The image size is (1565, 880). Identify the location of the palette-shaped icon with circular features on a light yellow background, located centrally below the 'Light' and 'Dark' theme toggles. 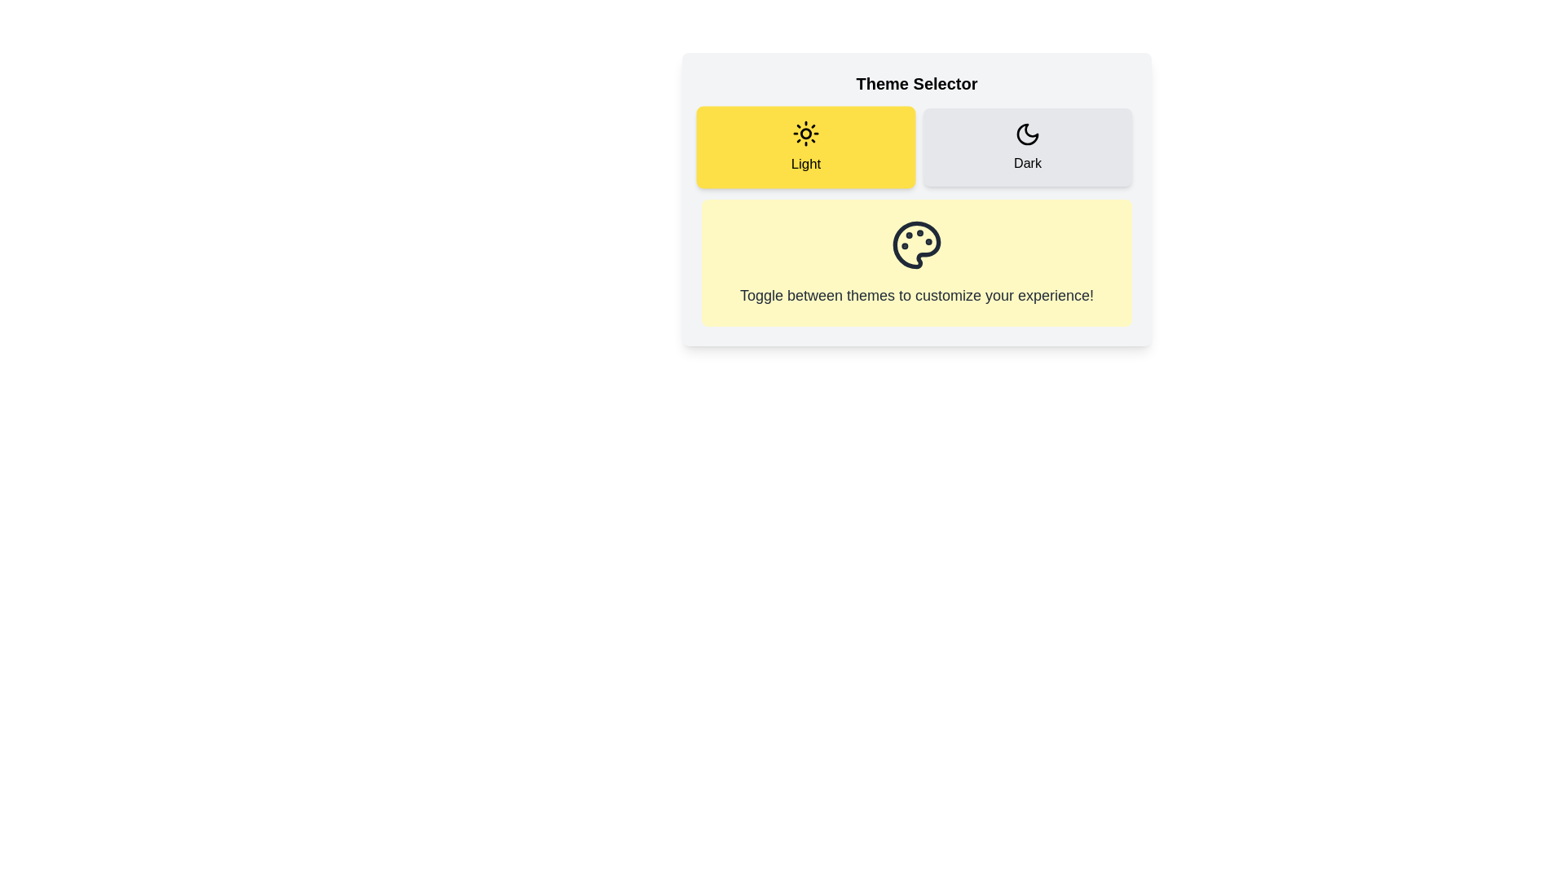
(916, 244).